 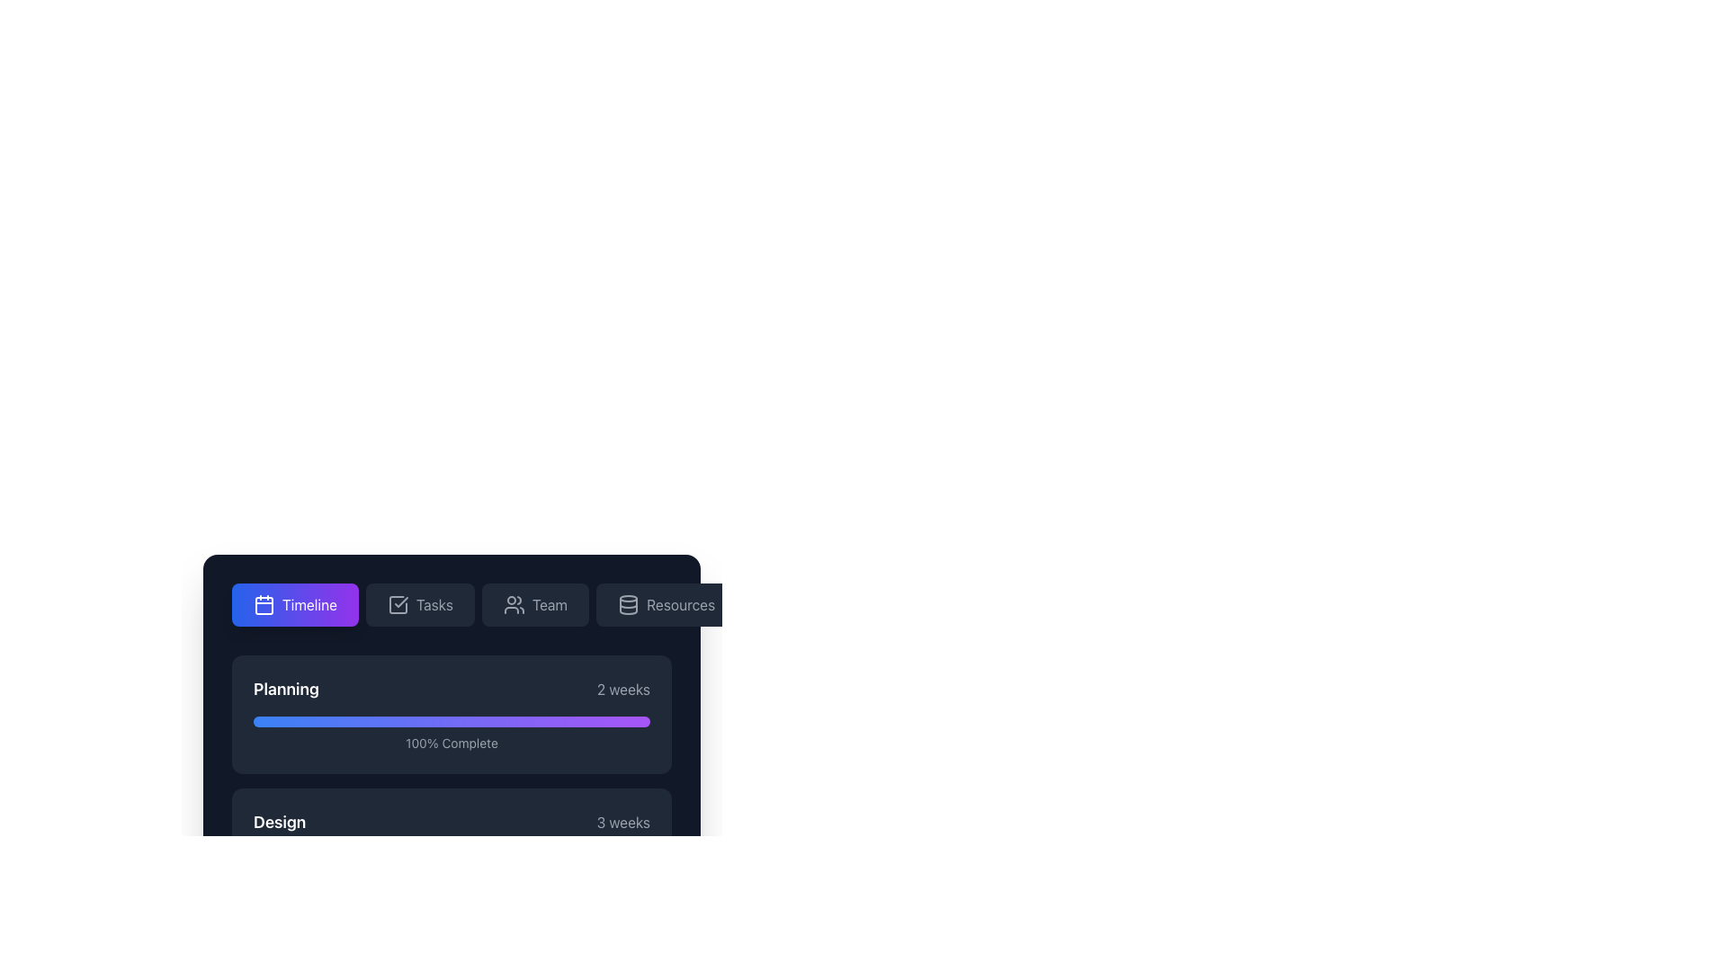 I want to click on the 'Team' button, which is a rectangular button with rounded corners located in the horizontal menu bar, so click(x=534, y=604).